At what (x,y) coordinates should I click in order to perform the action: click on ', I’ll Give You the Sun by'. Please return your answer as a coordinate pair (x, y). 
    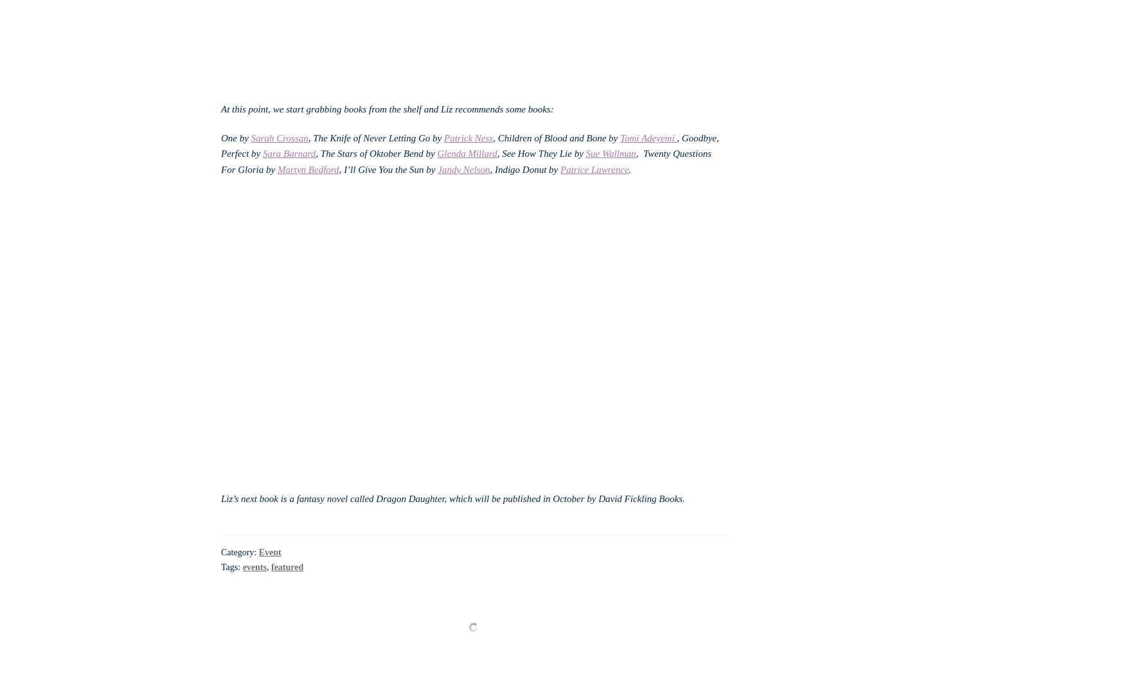
    Looking at the image, I should click on (388, 168).